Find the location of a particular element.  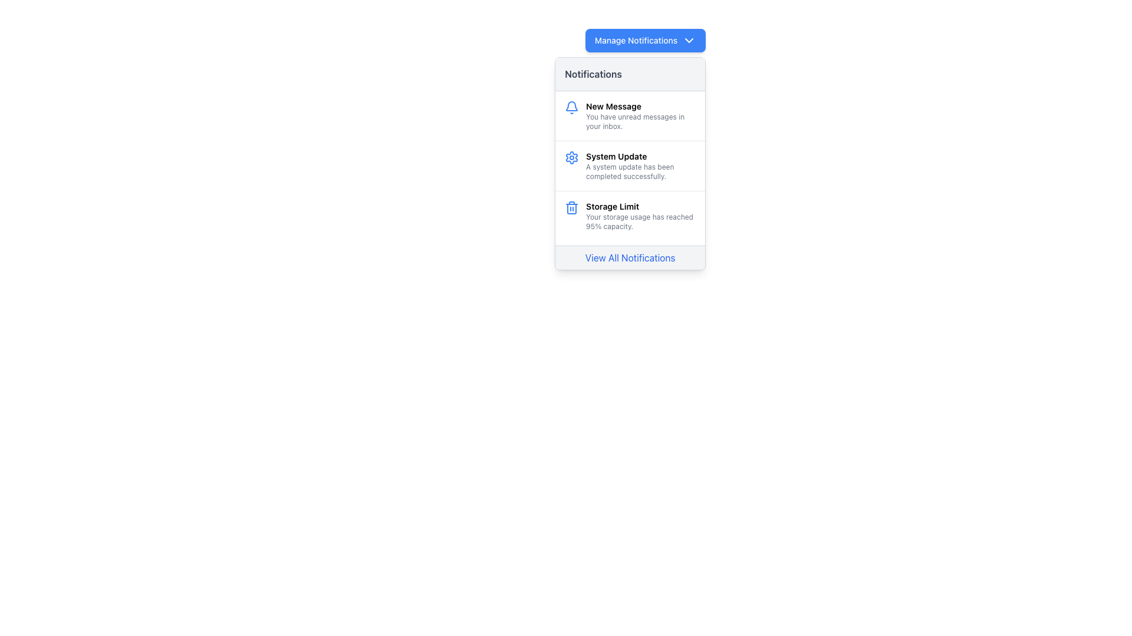

the notification card containing the text block that displays 'New Message' as the header and 'You have unread messages in your inbox.' as the supplementary detail is located at coordinates (640, 115).